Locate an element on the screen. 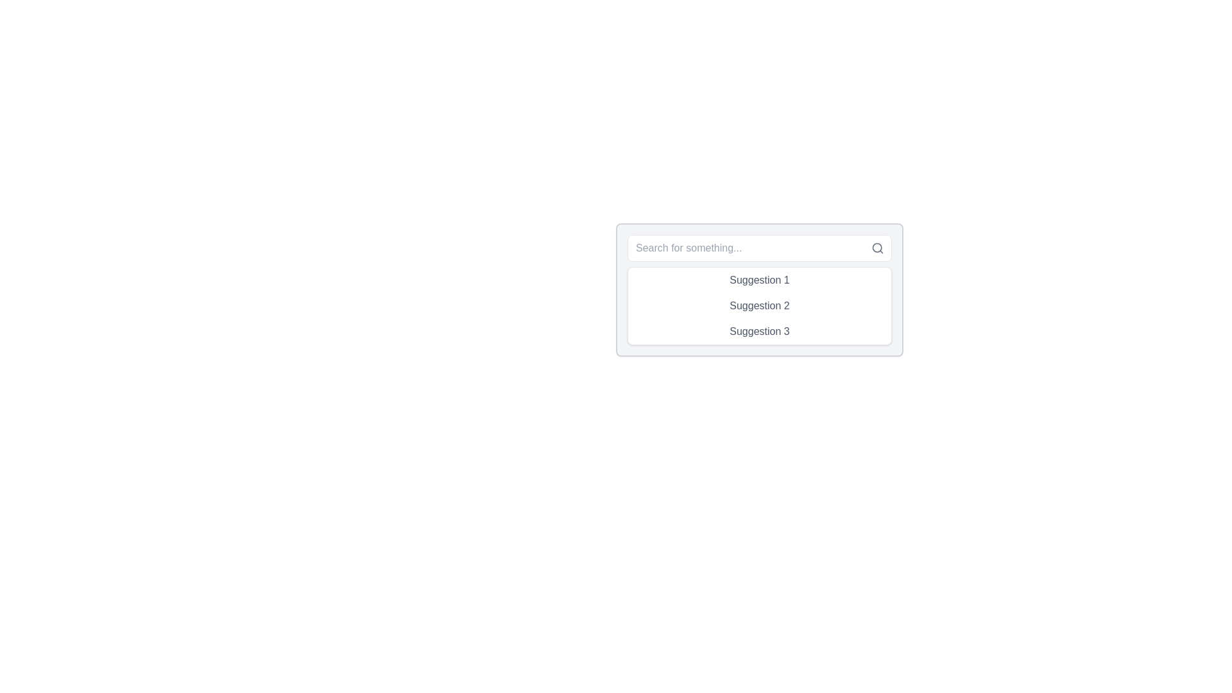 The image size is (1232, 693). the second item in the dropdown list of suggestions is located at coordinates (760, 306).